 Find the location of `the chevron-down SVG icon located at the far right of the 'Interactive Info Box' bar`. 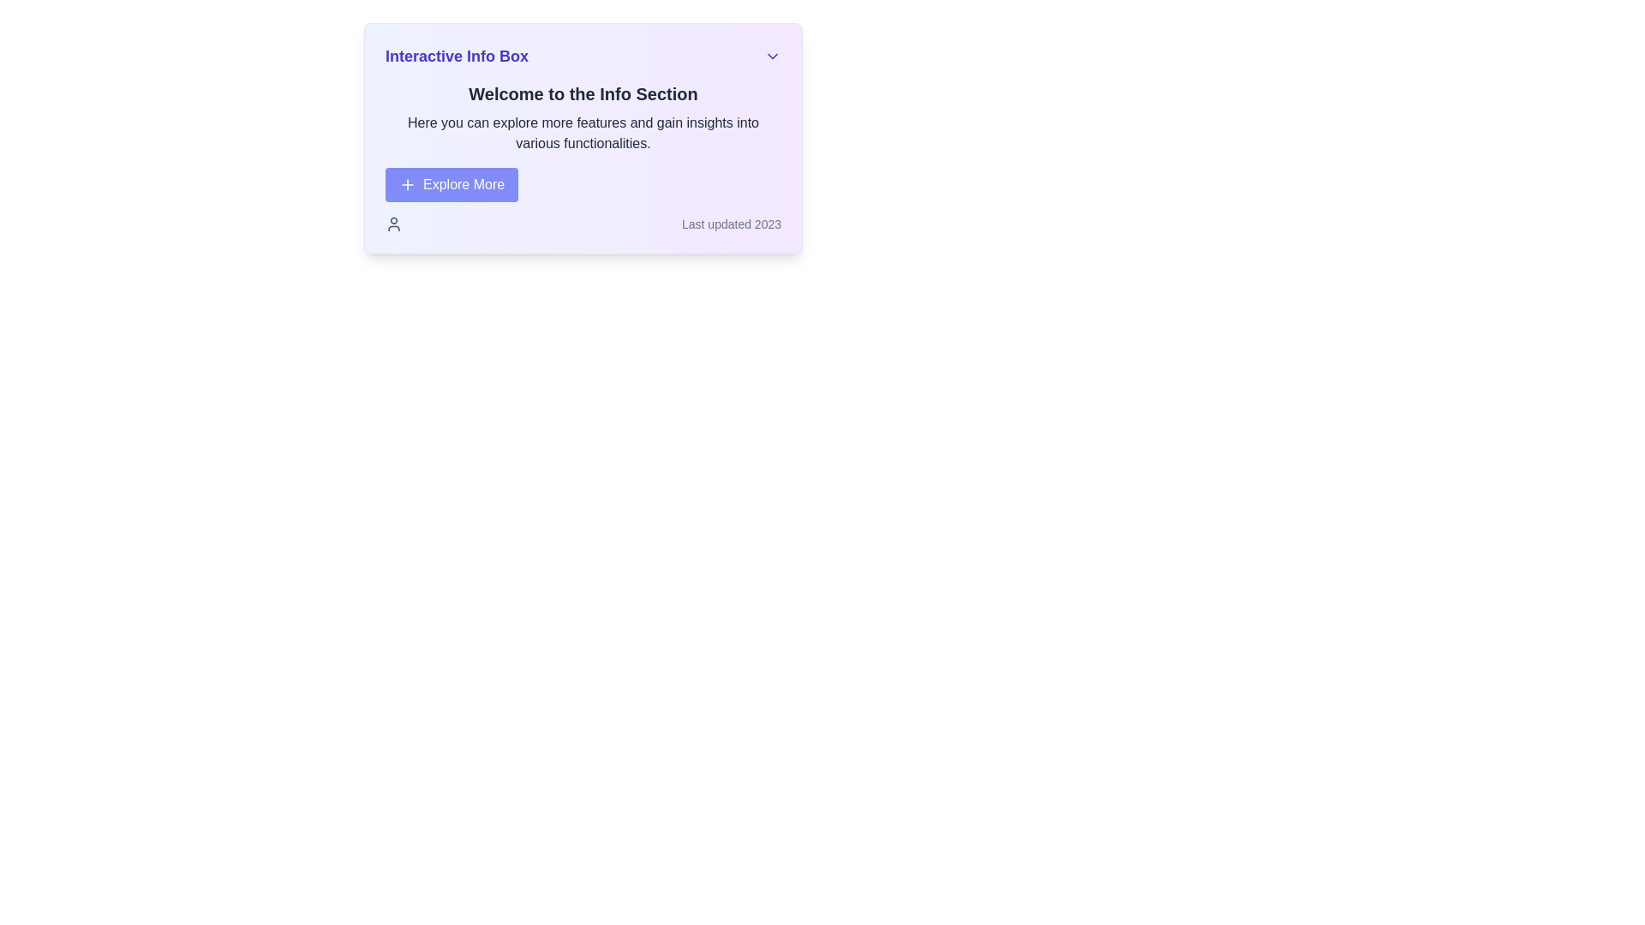

the chevron-down SVG icon located at the far right of the 'Interactive Info Box' bar is located at coordinates (772, 55).